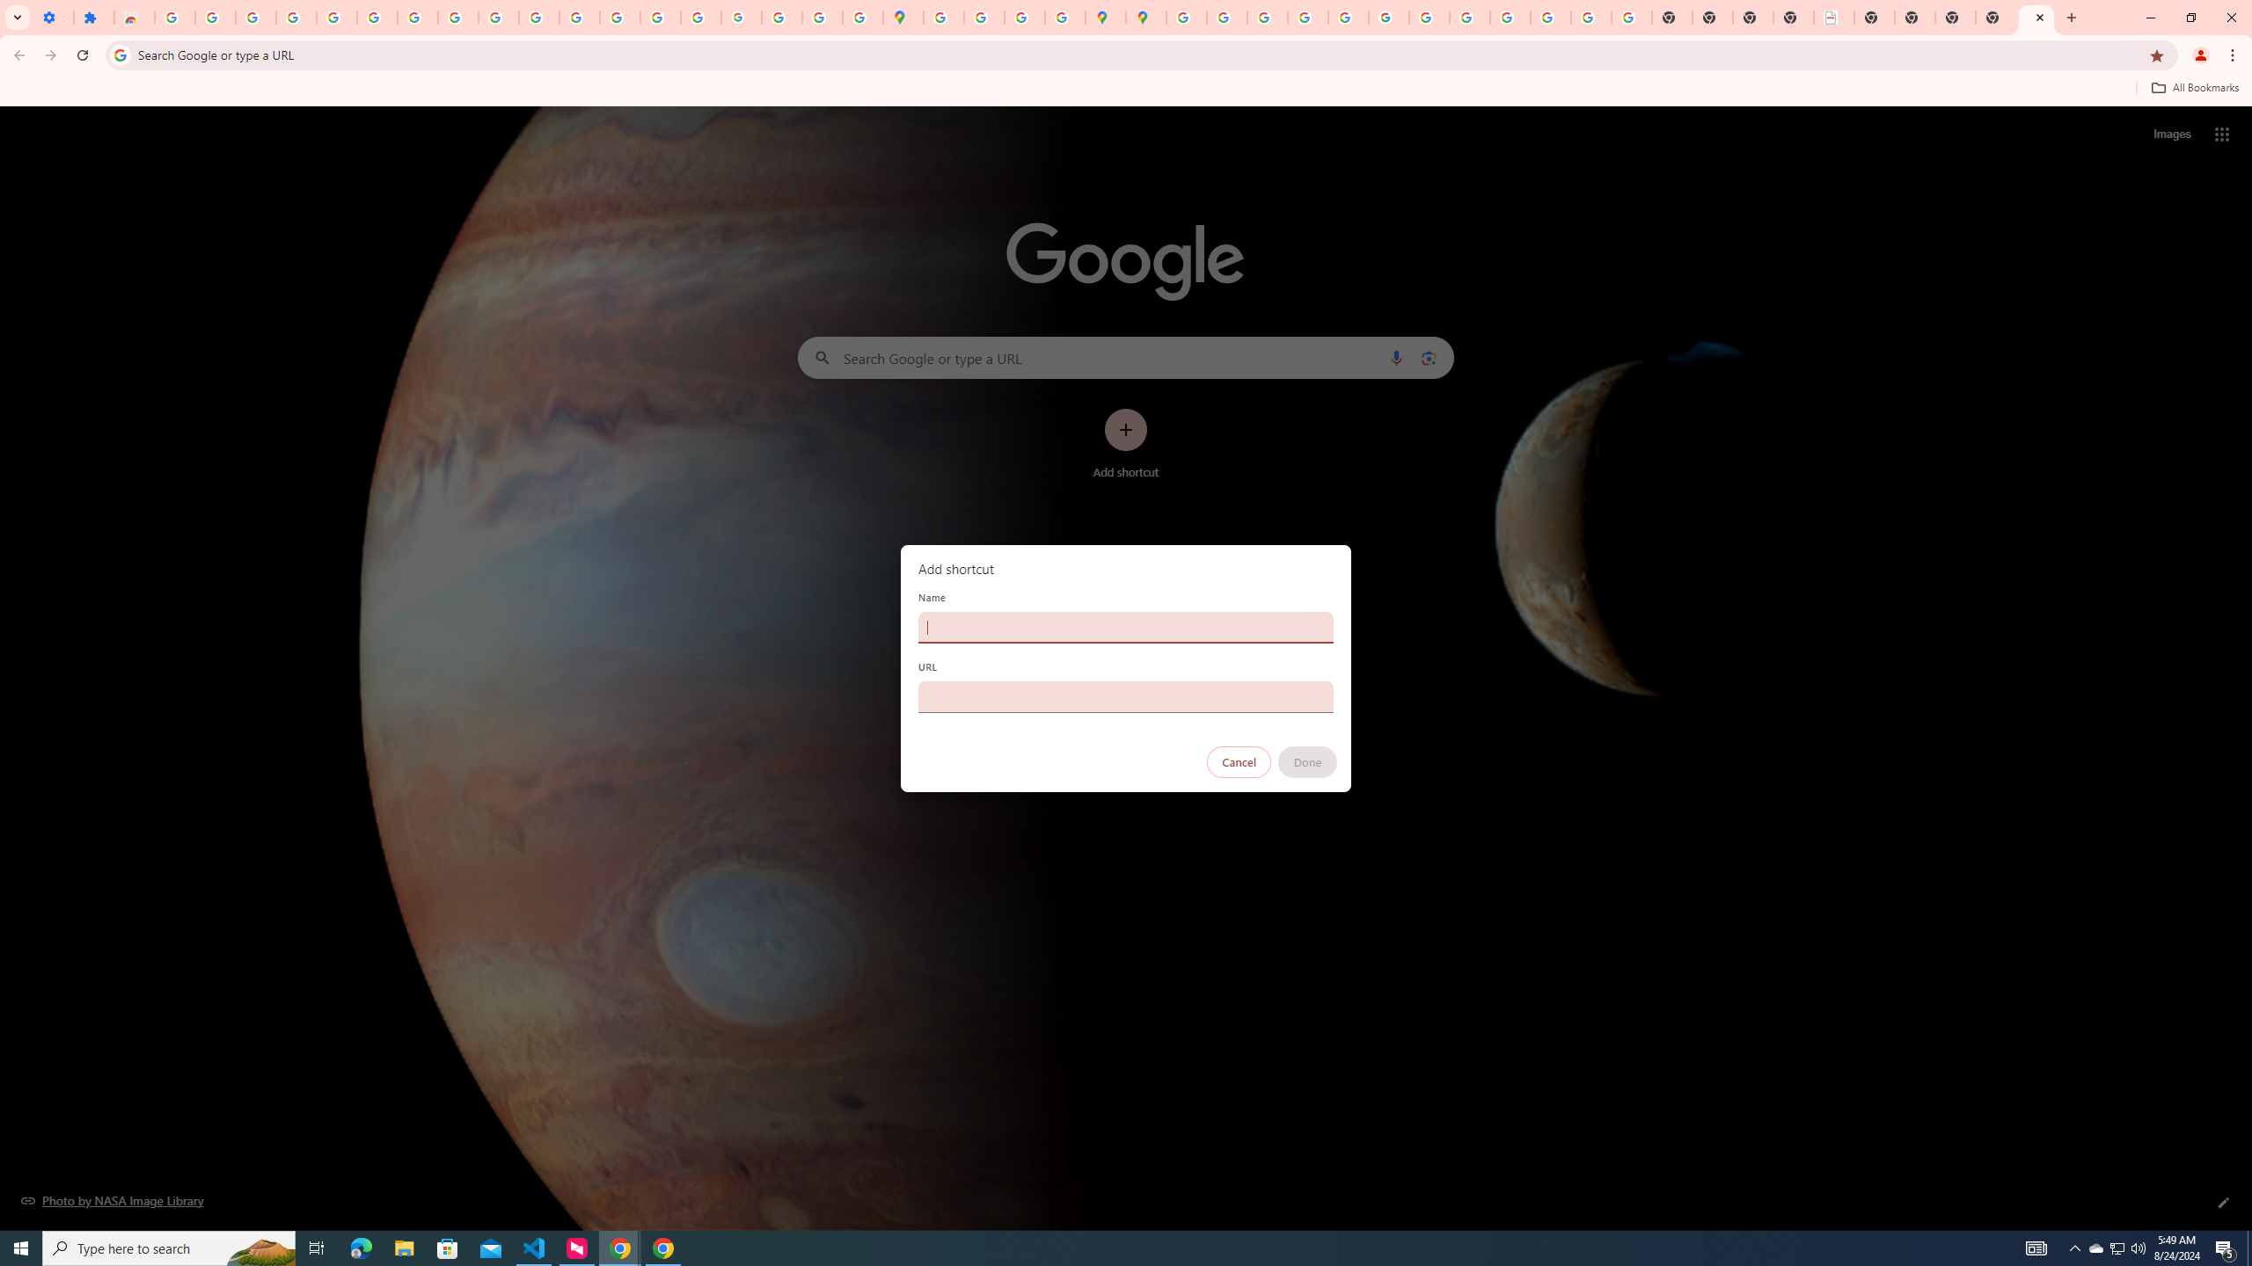 The height and width of the screenshot is (1266, 2252). I want to click on 'Name', so click(1126, 626).